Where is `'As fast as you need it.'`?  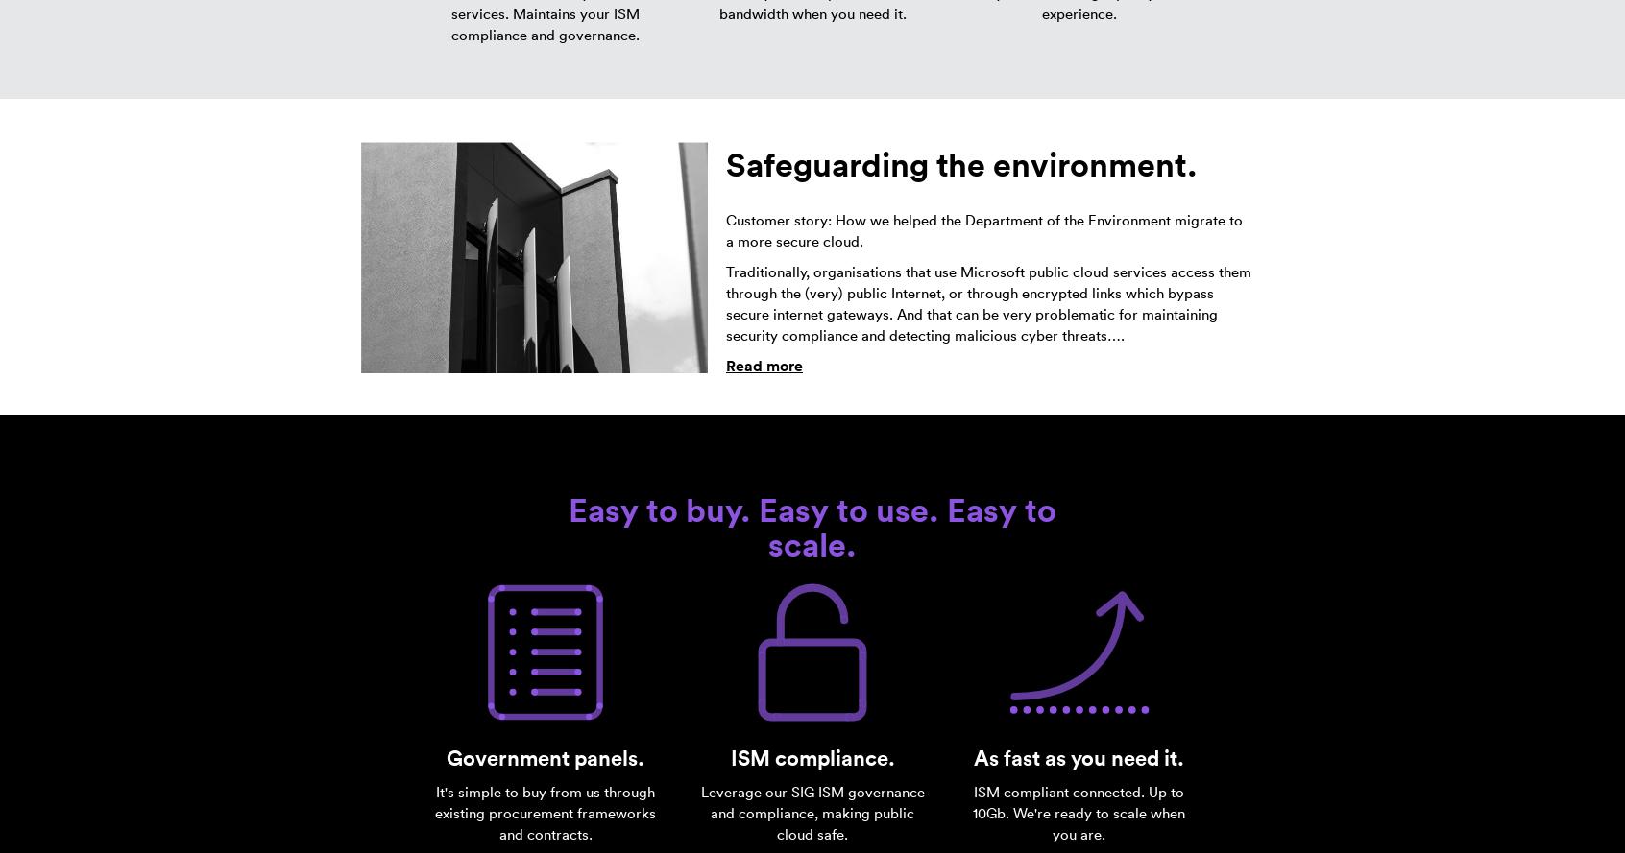 'As fast as you need it.' is located at coordinates (1079, 757).